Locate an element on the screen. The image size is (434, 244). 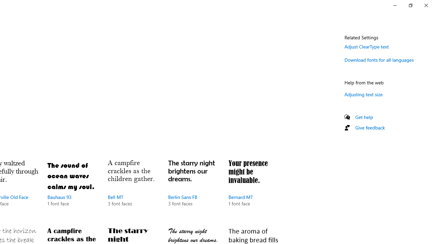
'Adjust ClearType text' is located at coordinates (366, 46).